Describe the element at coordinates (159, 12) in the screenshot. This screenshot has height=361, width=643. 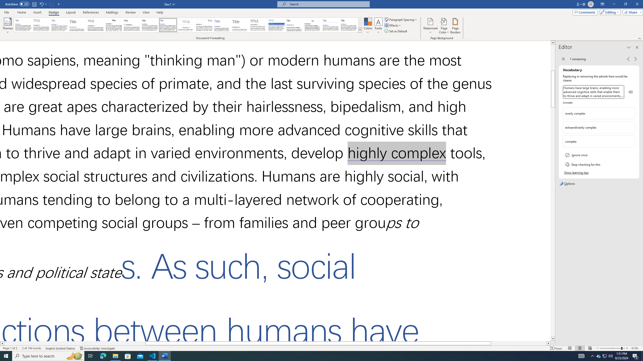
I see `'Help'` at that location.